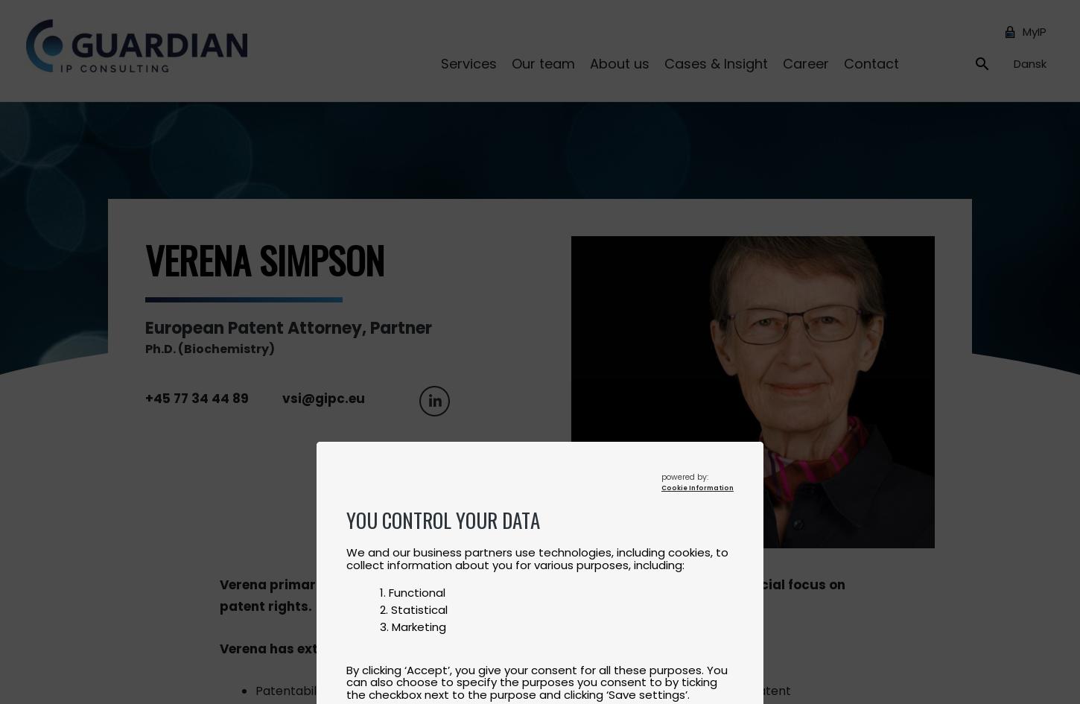 The height and width of the screenshot is (704, 1080). I want to click on 'Dansk', so click(1029, 62).